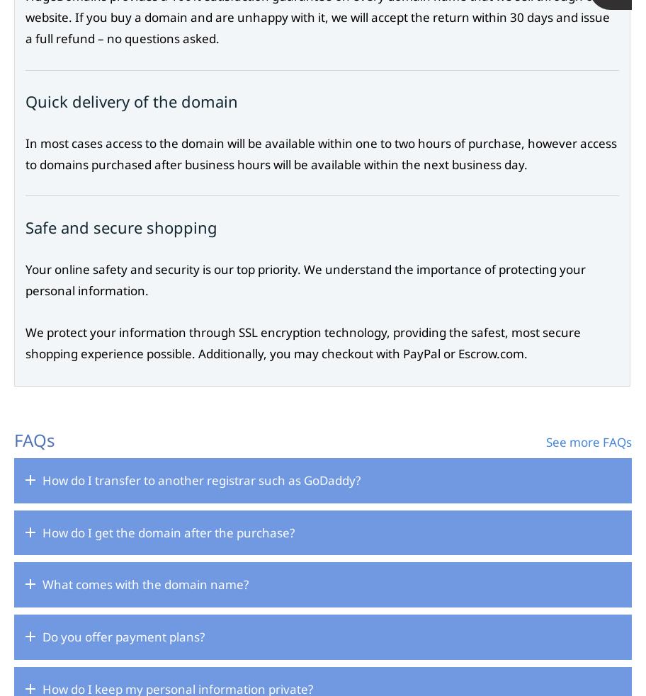  I want to click on 'We protect your information through SSL encryption technology, providing the safest, most secure shopping experience possible. Additionally, you may checkout with PayPal or Escrow.com.', so click(302, 342).